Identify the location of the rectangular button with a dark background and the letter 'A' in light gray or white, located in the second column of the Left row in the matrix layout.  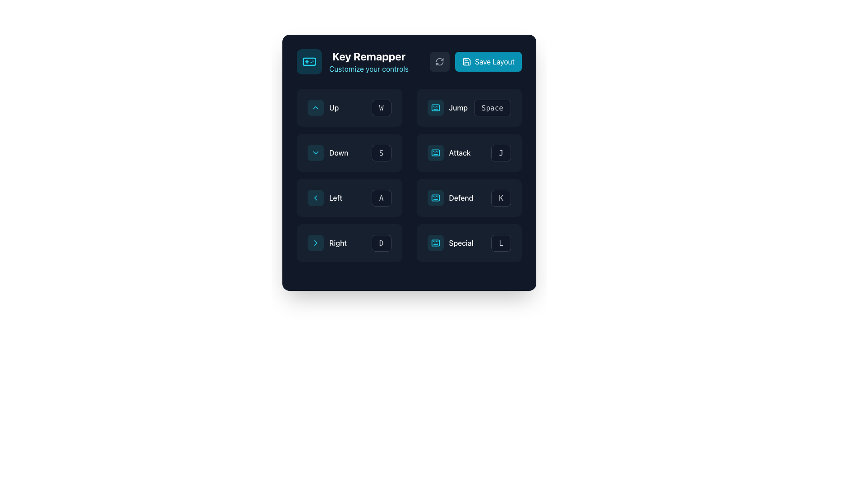
(381, 198).